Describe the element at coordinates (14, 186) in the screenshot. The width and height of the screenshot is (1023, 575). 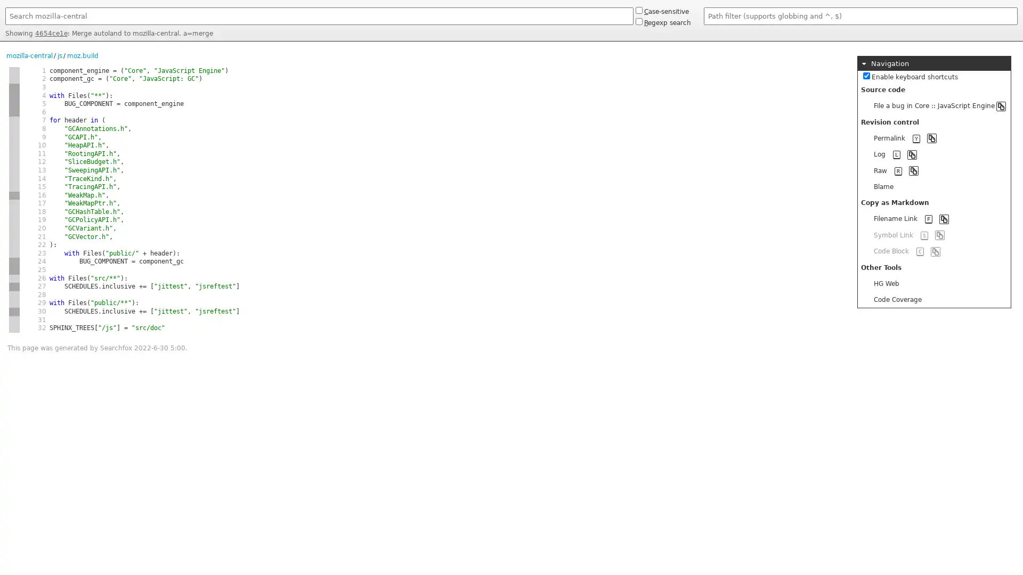
I see `same hash 1` at that location.